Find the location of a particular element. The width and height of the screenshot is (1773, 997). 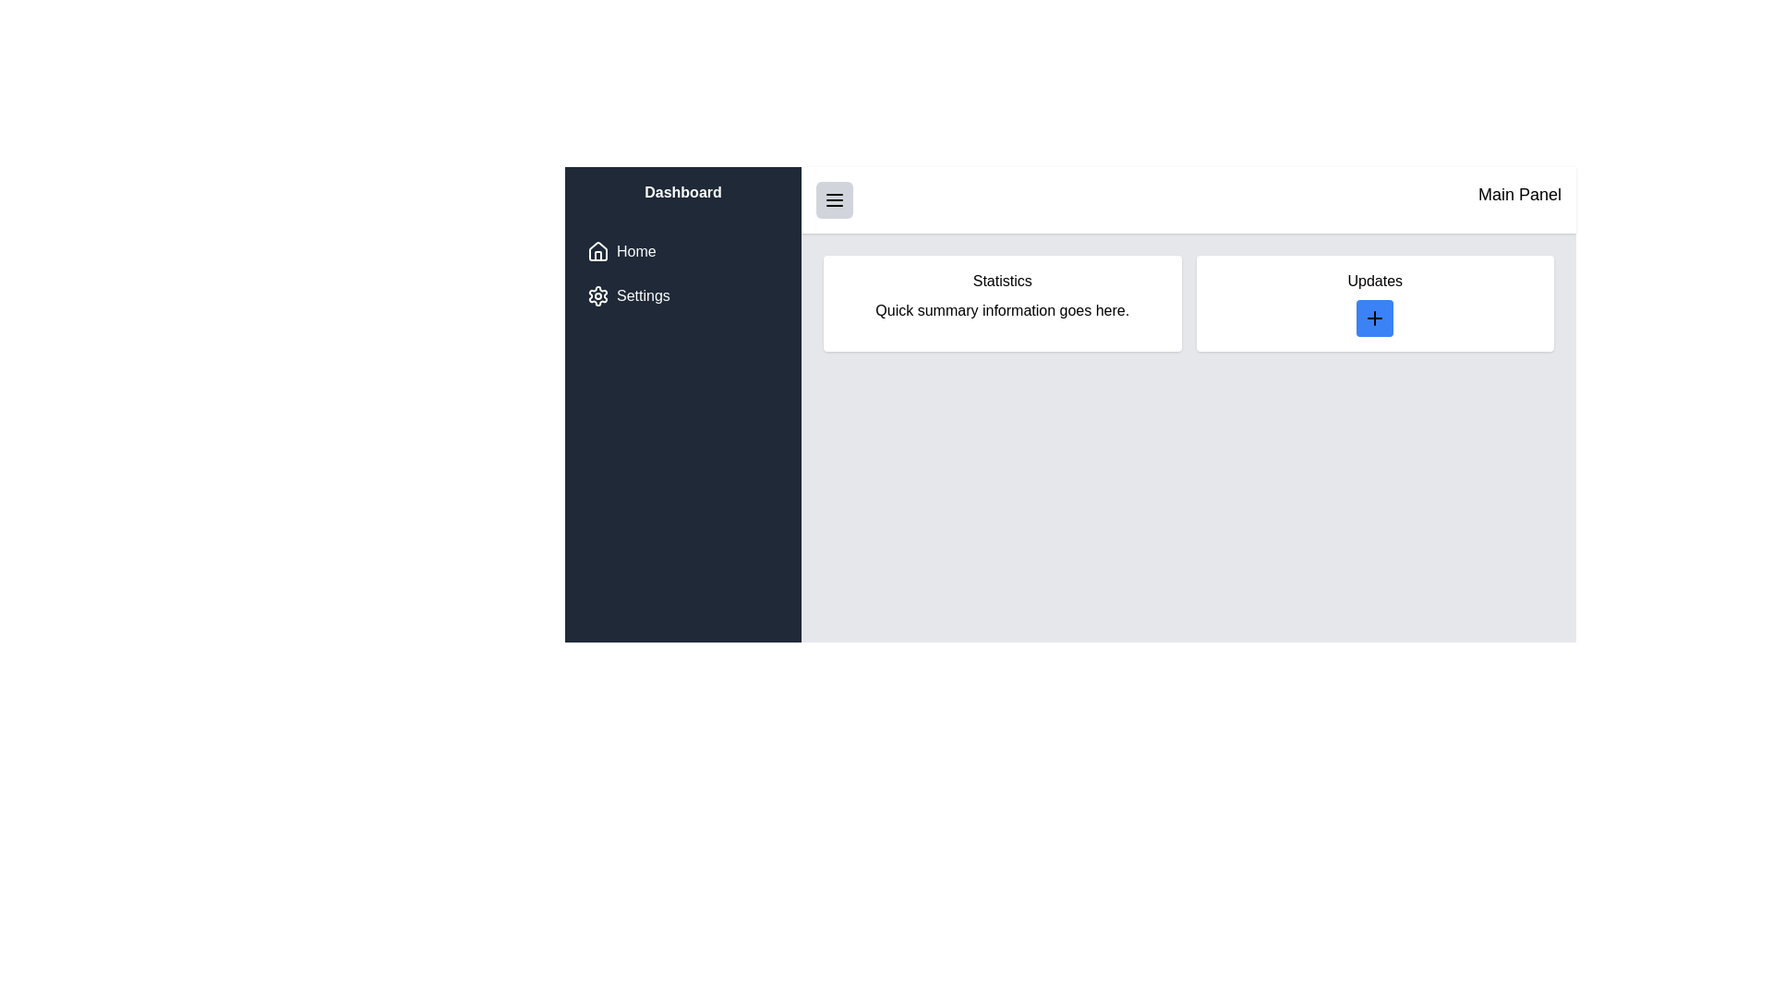

the plus icon button with a black outline, located in the upper-right corner of the 'Updates' card is located at coordinates (1375, 317).